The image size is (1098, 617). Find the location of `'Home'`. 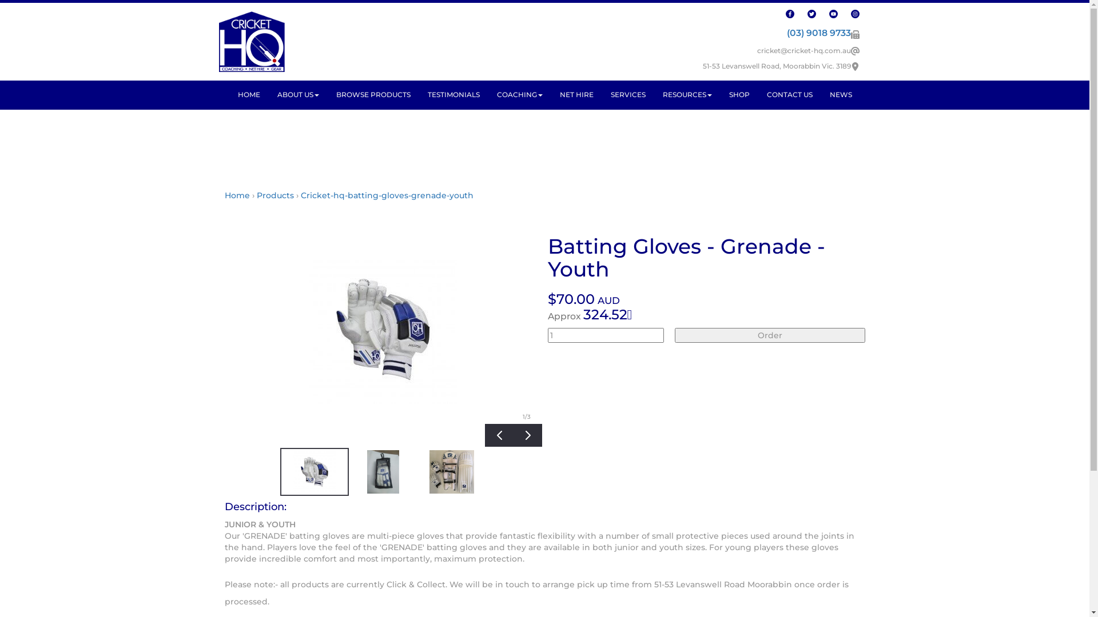

'Home' is located at coordinates (236, 195).